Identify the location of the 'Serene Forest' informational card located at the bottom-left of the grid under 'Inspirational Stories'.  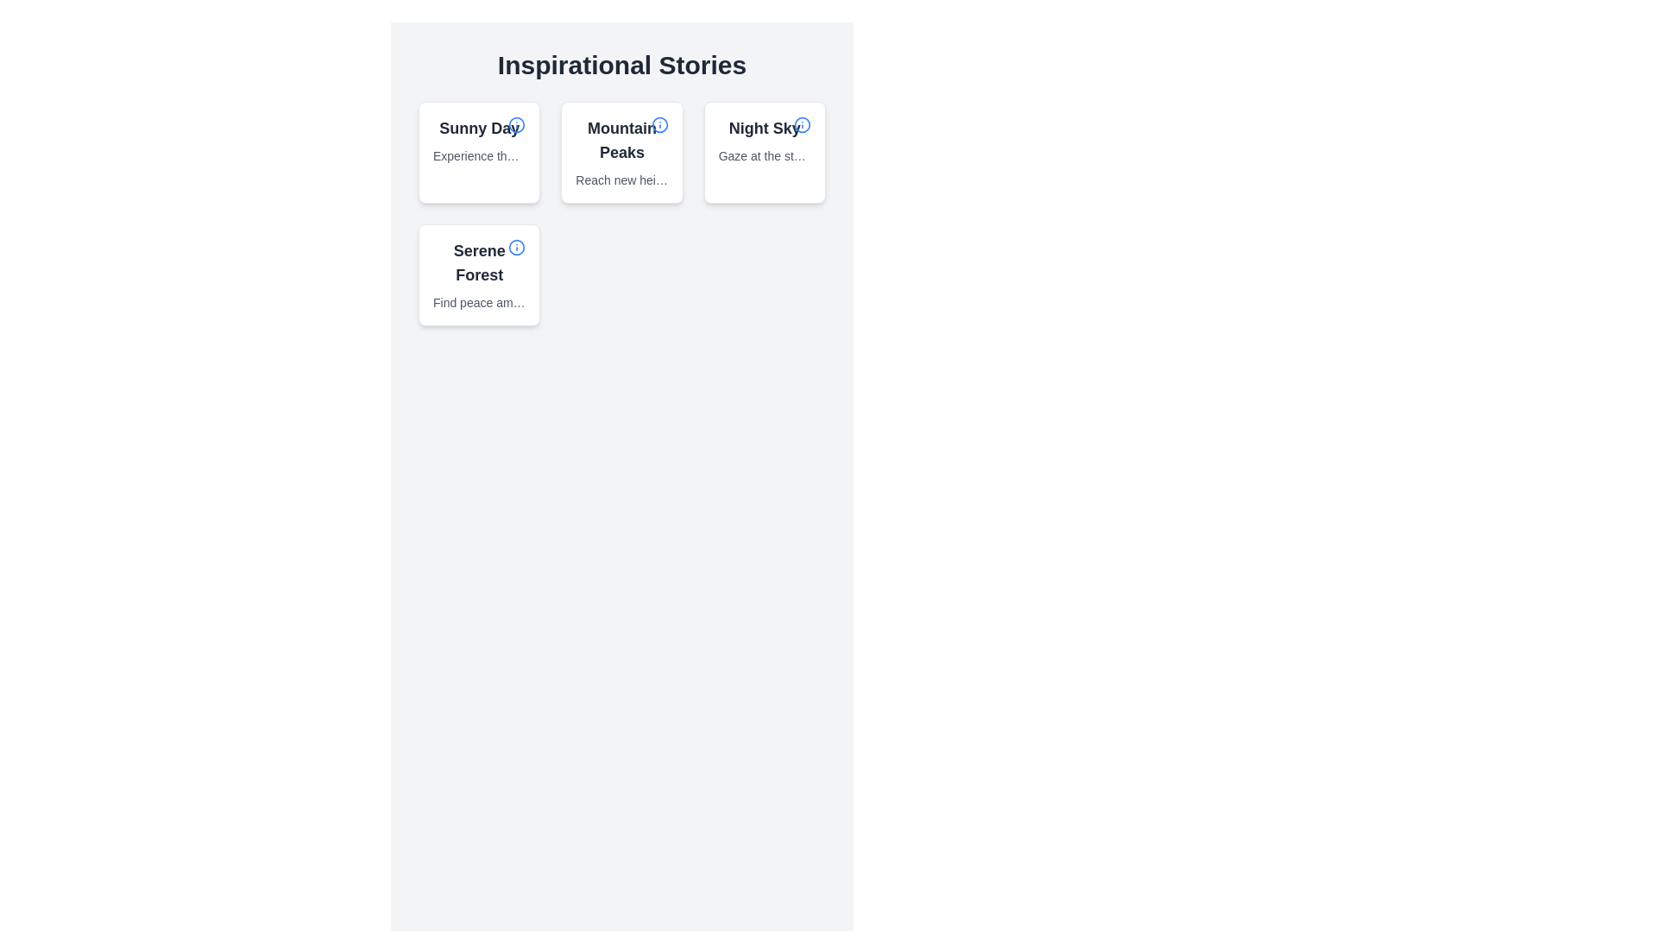
(479, 274).